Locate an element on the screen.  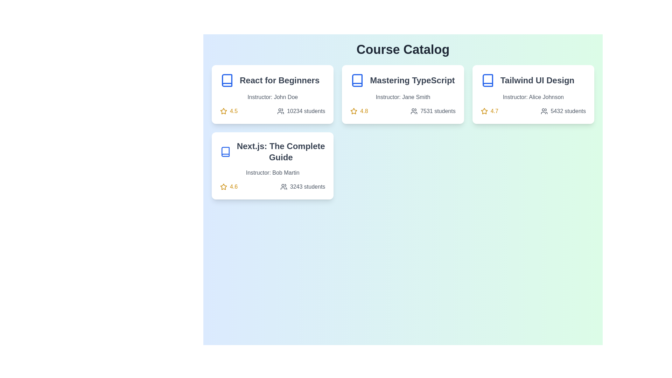
the informational text component displaying the rating '4.7' and the student count '5432 students' within the 'Tailwind UI Design' course card is located at coordinates (533, 111).